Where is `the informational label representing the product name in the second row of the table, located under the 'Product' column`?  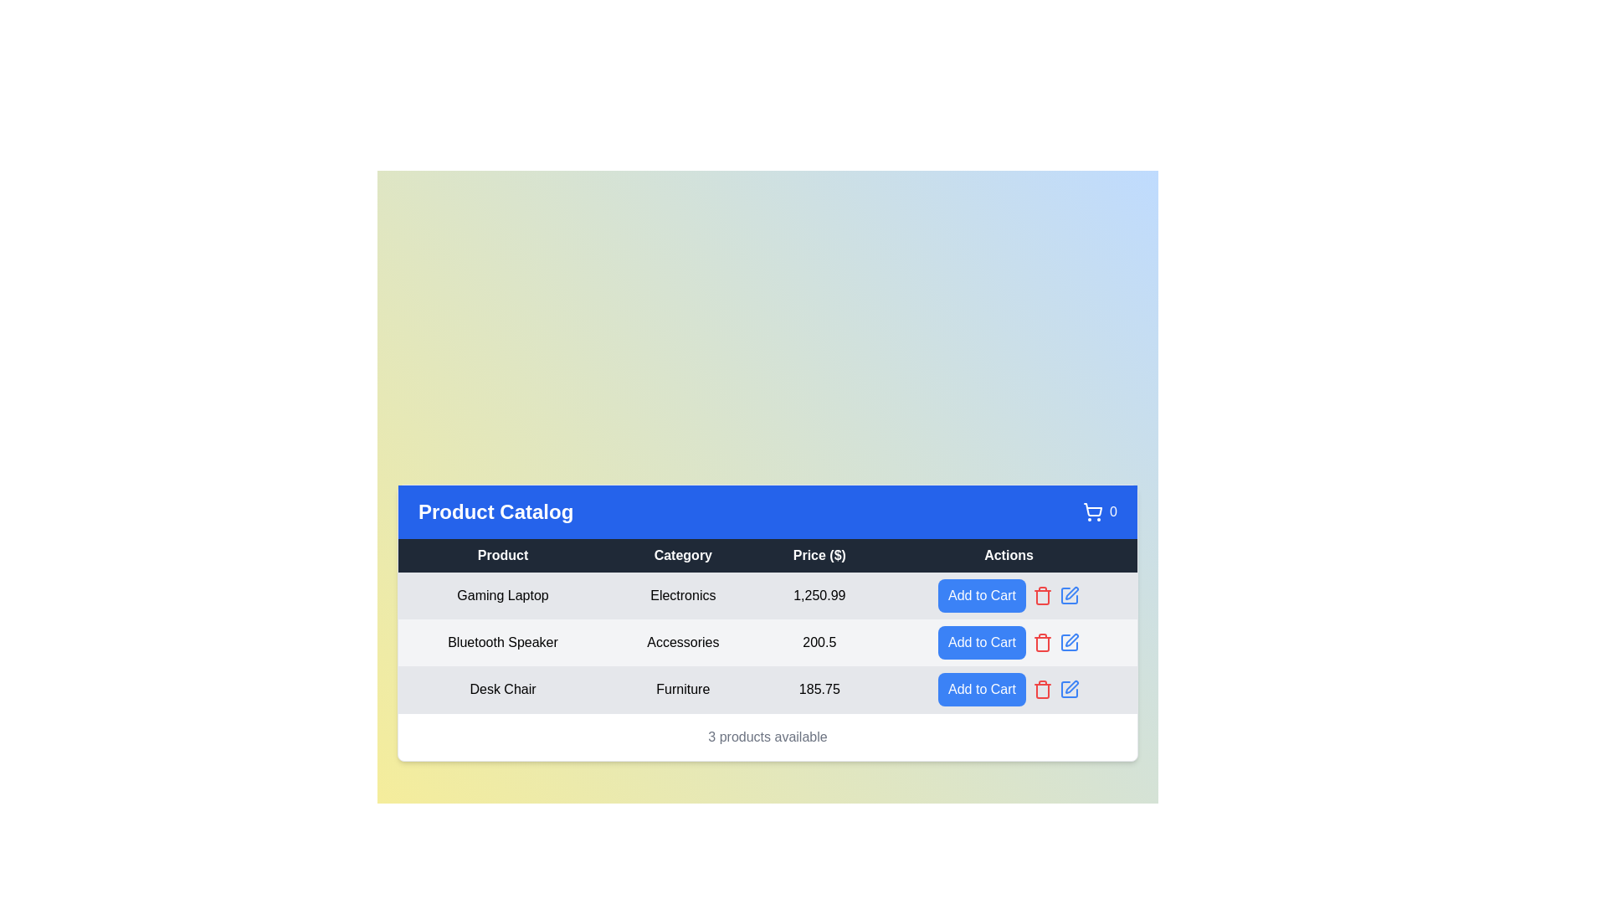 the informational label representing the product name in the second row of the table, located under the 'Product' column is located at coordinates (501, 641).